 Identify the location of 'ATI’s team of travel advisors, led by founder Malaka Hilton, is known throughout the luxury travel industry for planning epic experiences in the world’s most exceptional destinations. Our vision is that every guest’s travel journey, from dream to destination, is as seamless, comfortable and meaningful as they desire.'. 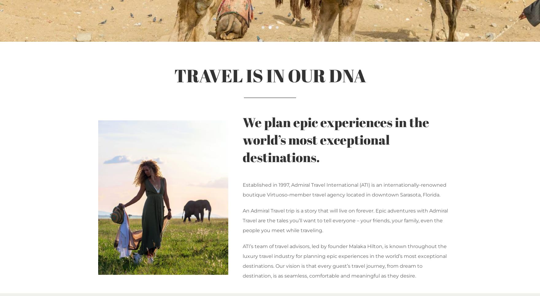
(344, 261).